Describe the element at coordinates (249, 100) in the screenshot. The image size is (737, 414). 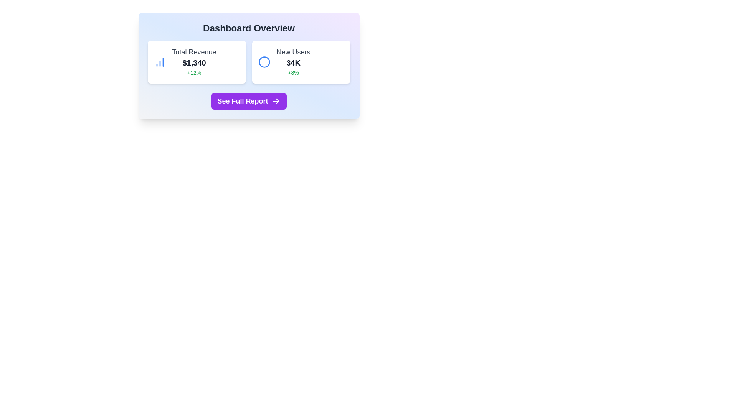
I see `the button located at the bottom of the 'Dashboard Overview' card` at that location.